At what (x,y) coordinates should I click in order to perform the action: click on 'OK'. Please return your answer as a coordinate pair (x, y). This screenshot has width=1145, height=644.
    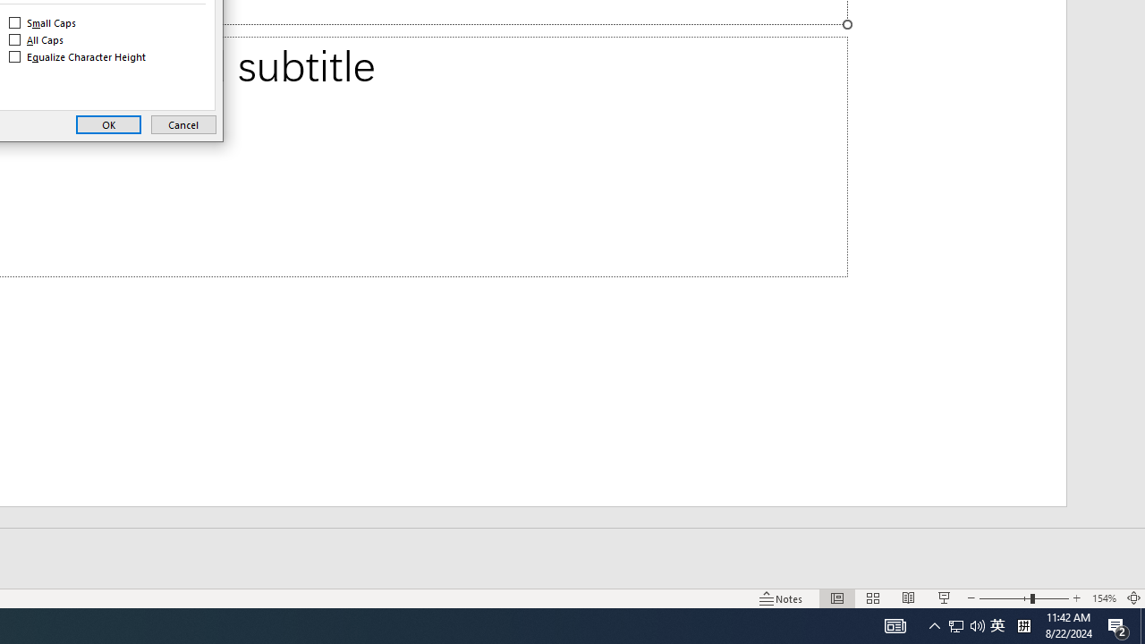
    Looking at the image, I should click on (107, 123).